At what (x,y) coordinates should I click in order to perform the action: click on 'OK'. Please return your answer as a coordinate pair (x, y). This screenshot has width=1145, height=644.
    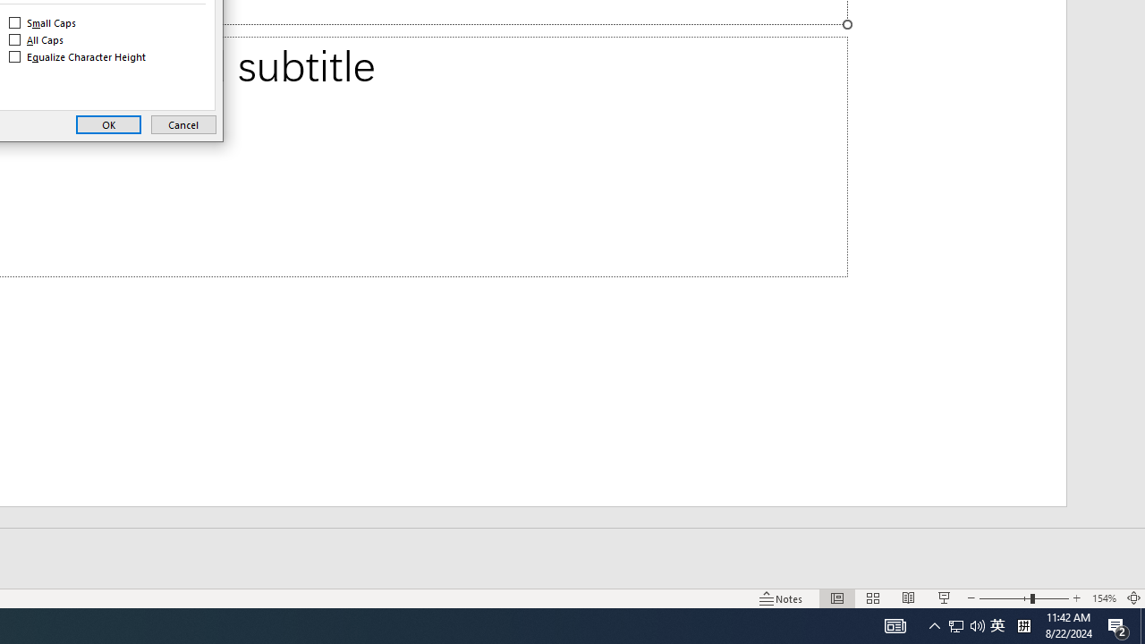
    Looking at the image, I should click on (107, 123).